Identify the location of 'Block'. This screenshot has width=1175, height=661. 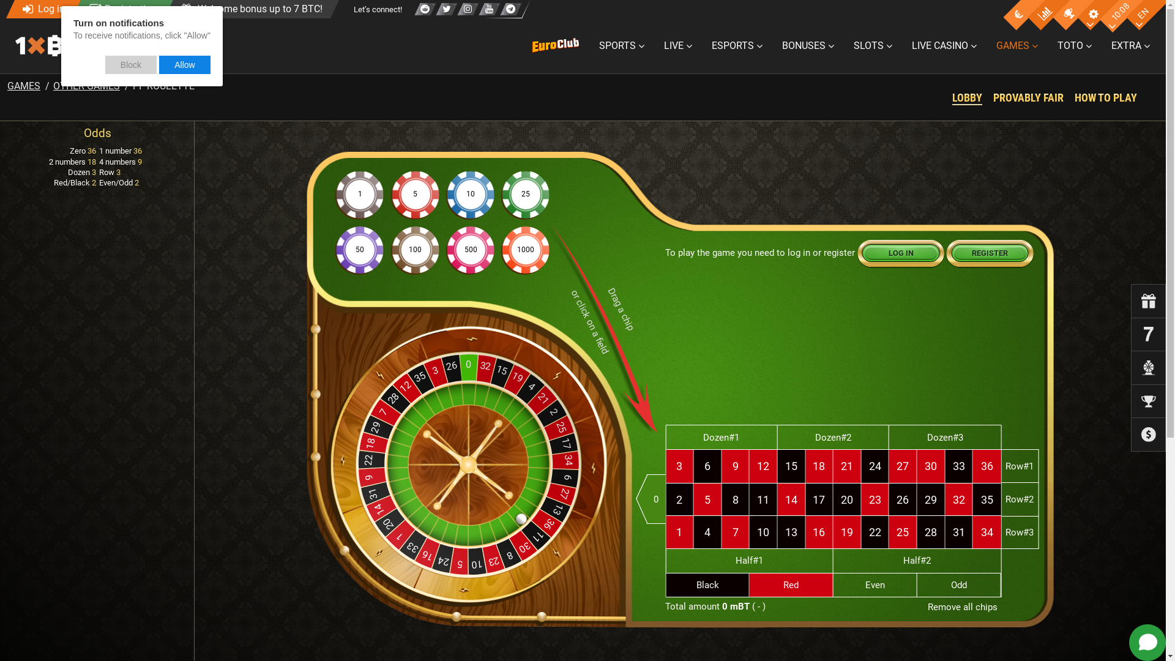
(131, 64).